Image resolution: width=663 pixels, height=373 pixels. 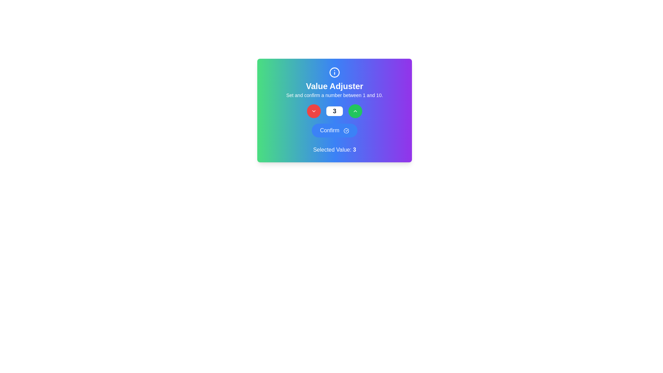 What do you see at coordinates (355, 111) in the screenshot?
I see `the upward-pointing chevron icon styled with a green circular button located on the upper-right side of the number input interface to increment the value` at bounding box center [355, 111].